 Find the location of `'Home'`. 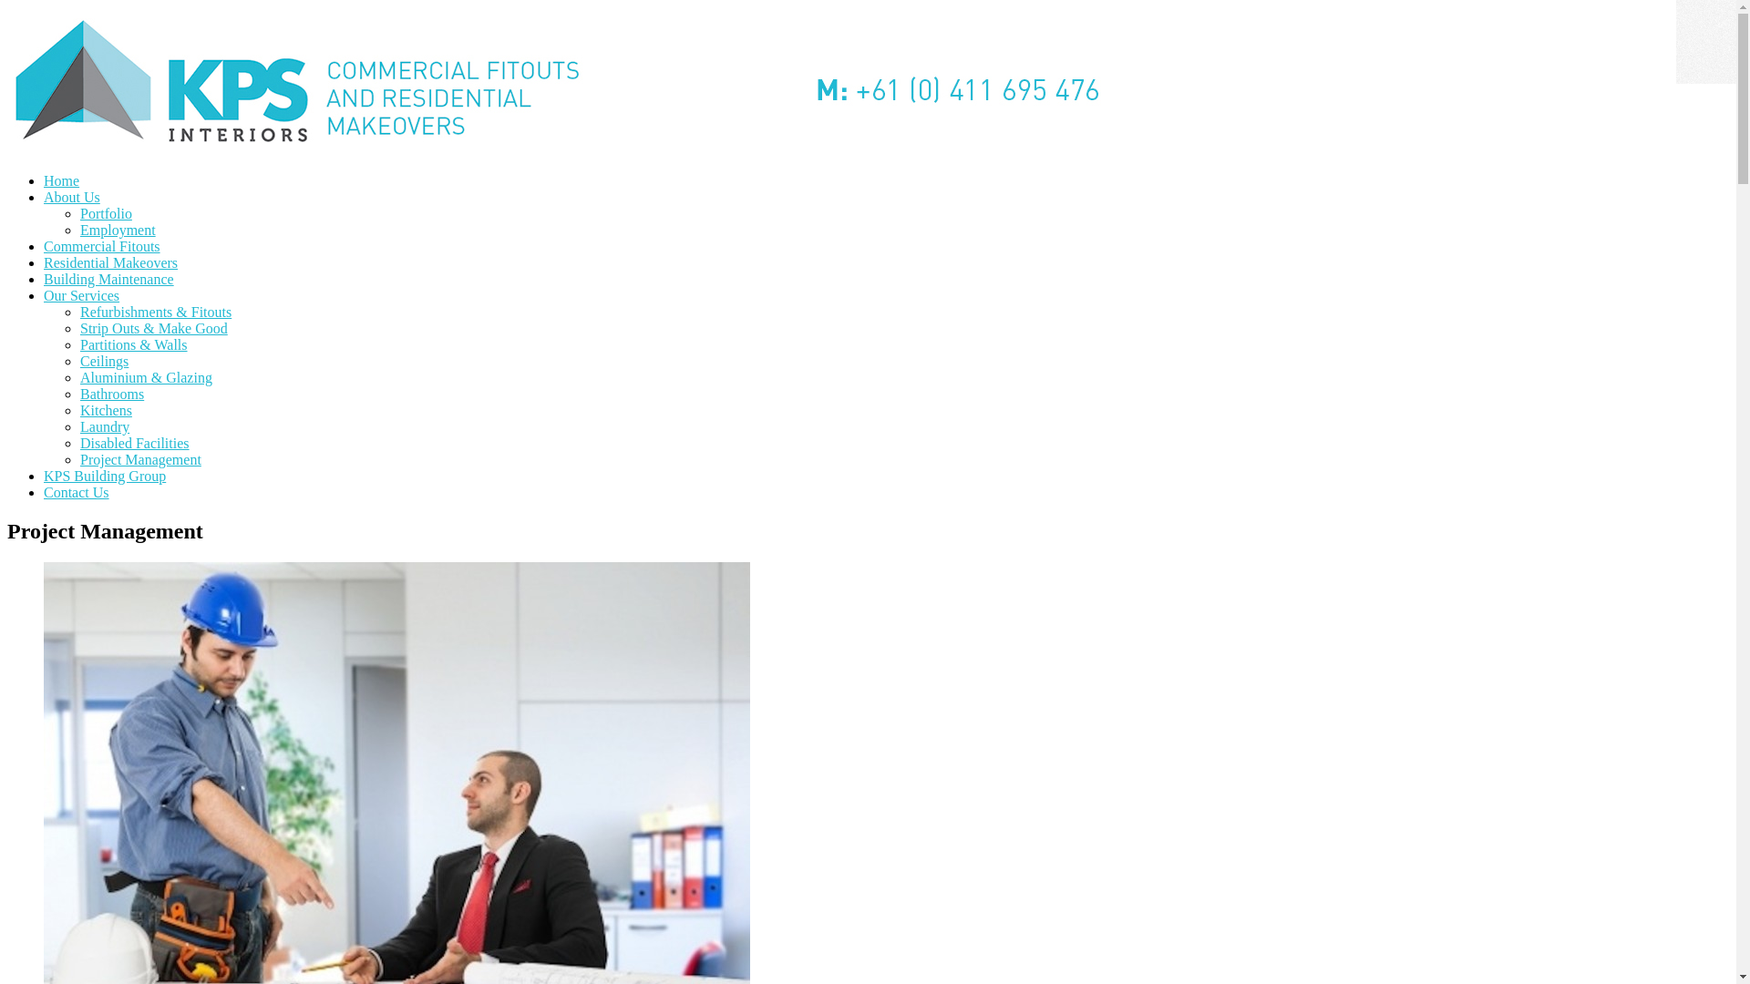

'Home' is located at coordinates (61, 180).